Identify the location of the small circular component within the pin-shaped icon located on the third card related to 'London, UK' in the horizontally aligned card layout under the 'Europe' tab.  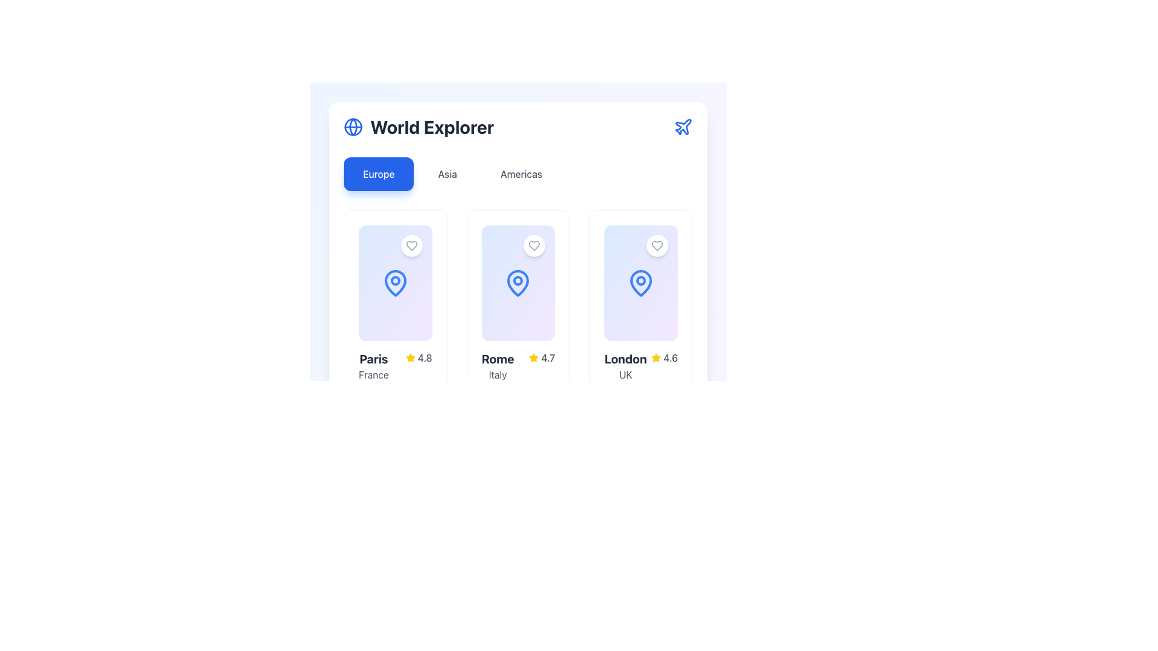
(641, 281).